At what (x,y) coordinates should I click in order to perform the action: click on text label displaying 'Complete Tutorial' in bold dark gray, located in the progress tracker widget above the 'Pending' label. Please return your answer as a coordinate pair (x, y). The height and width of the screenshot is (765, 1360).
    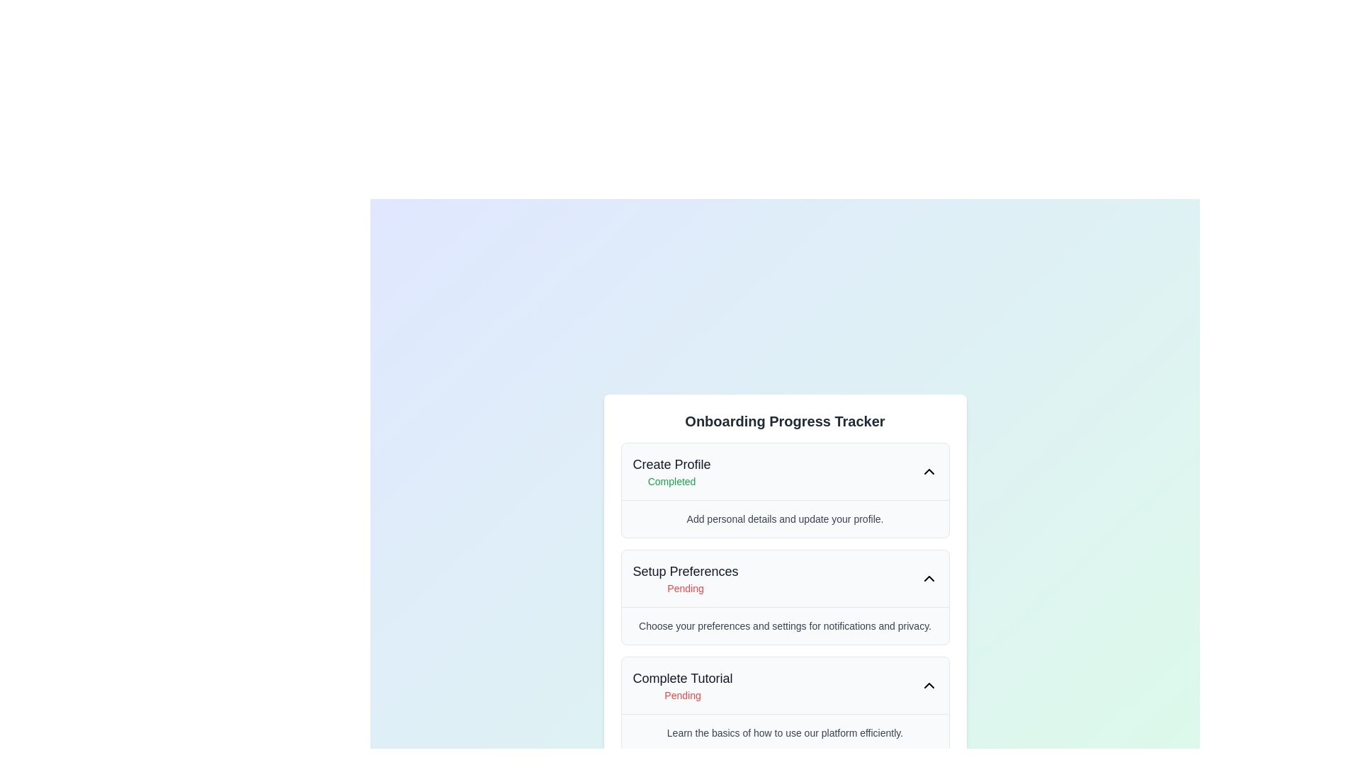
    Looking at the image, I should click on (683, 677).